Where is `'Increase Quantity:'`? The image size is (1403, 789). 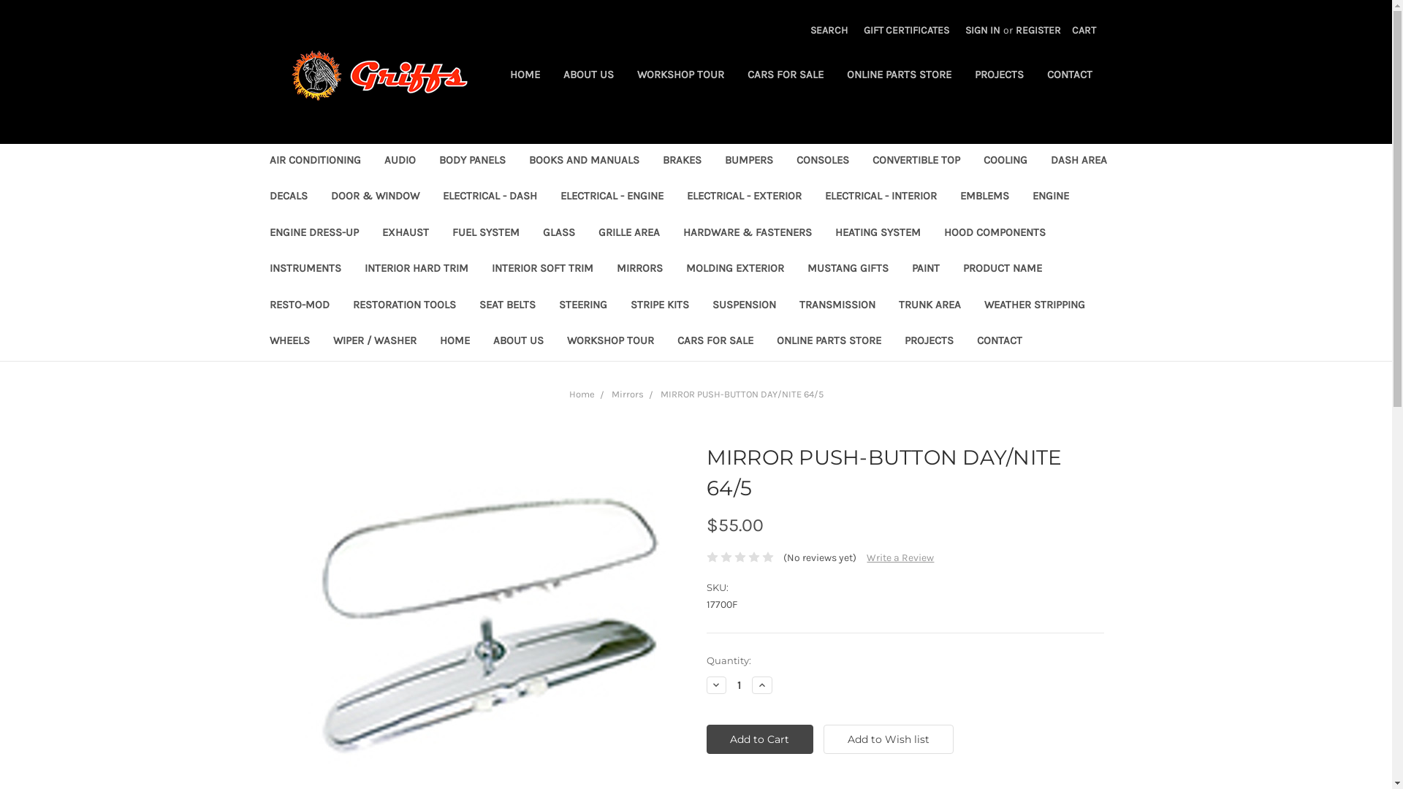 'Increase Quantity:' is located at coordinates (751, 685).